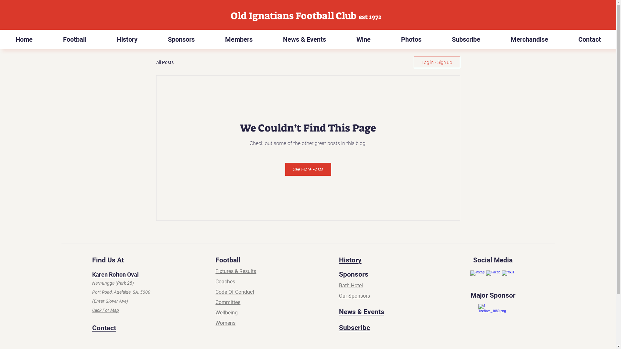 This screenshot has width=621, height=349. I want to click on 'All Posts', so click(156, 62).